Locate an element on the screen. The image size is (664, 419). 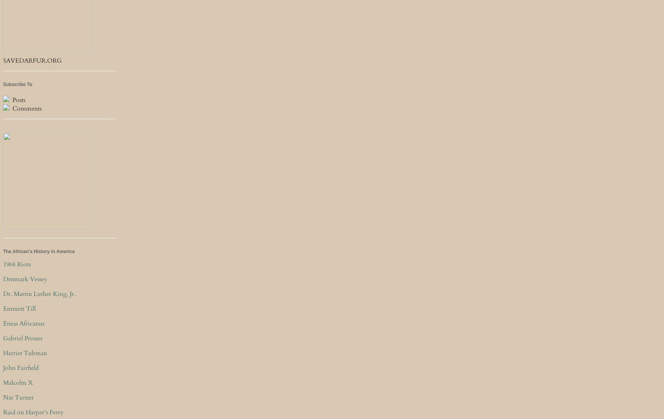
'Posts' is located at coordinates (18, 100).